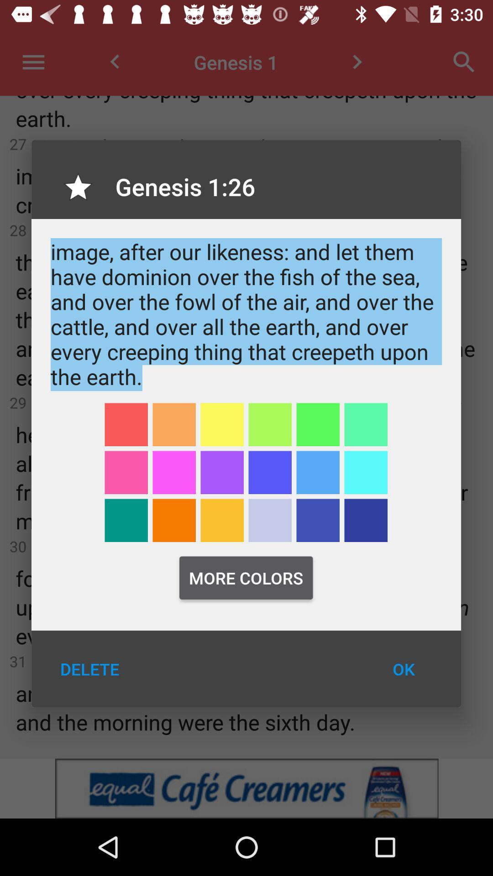 The width and height of the screenshot is (493, 876). Describe the element at coordinates (269, 424) in the screenshot. I see `item below the and god said item` at that location.